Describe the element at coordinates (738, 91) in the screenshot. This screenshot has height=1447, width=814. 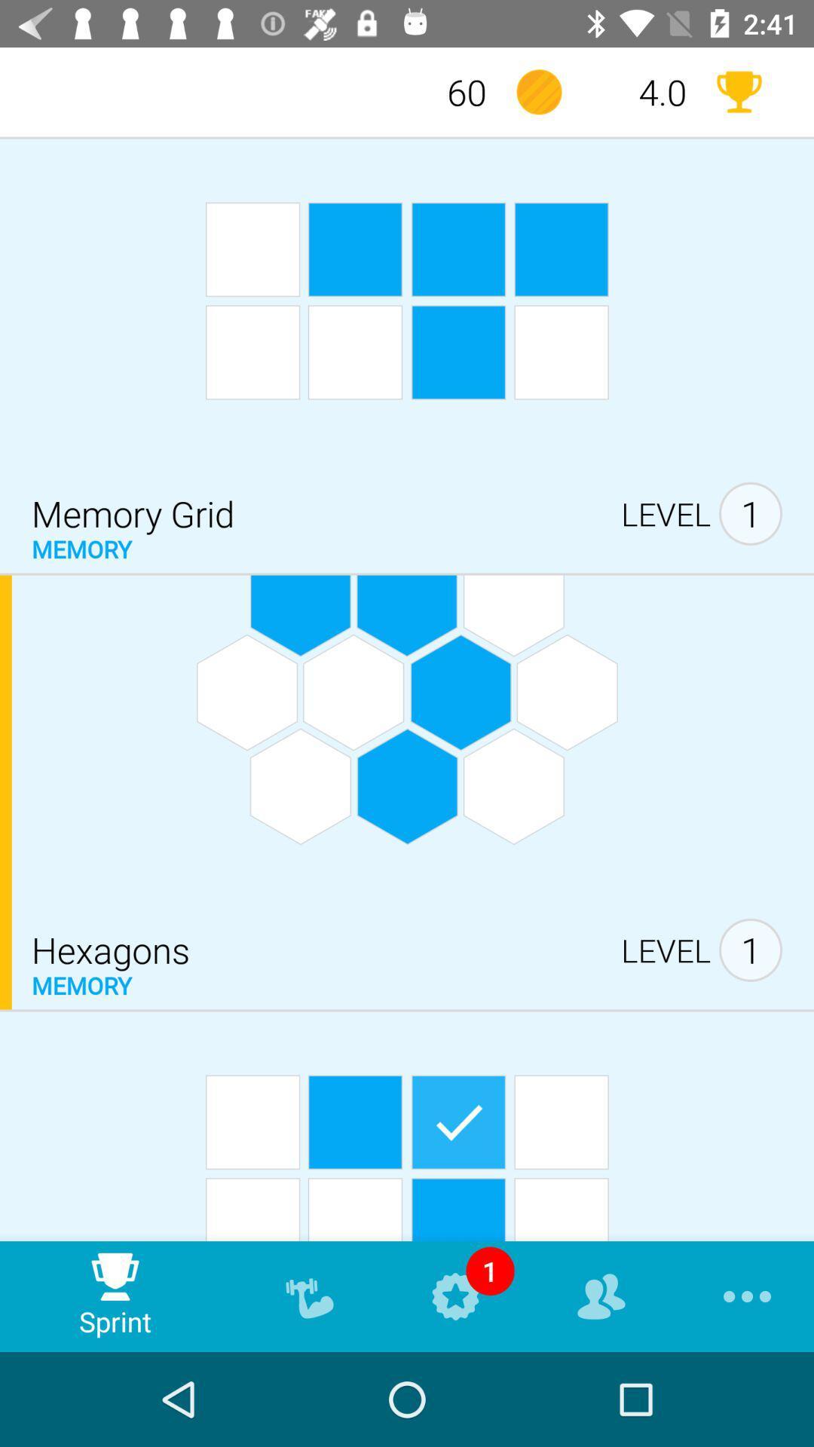
I see `trophy` at that location.